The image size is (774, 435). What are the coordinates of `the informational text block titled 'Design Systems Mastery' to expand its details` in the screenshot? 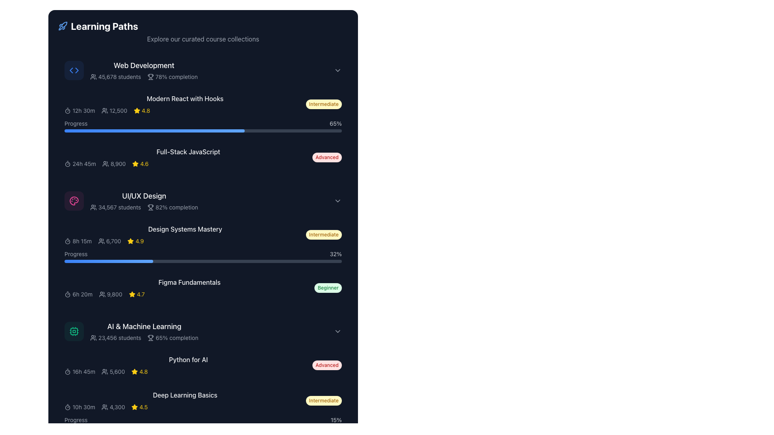 It's located at (185, 234).